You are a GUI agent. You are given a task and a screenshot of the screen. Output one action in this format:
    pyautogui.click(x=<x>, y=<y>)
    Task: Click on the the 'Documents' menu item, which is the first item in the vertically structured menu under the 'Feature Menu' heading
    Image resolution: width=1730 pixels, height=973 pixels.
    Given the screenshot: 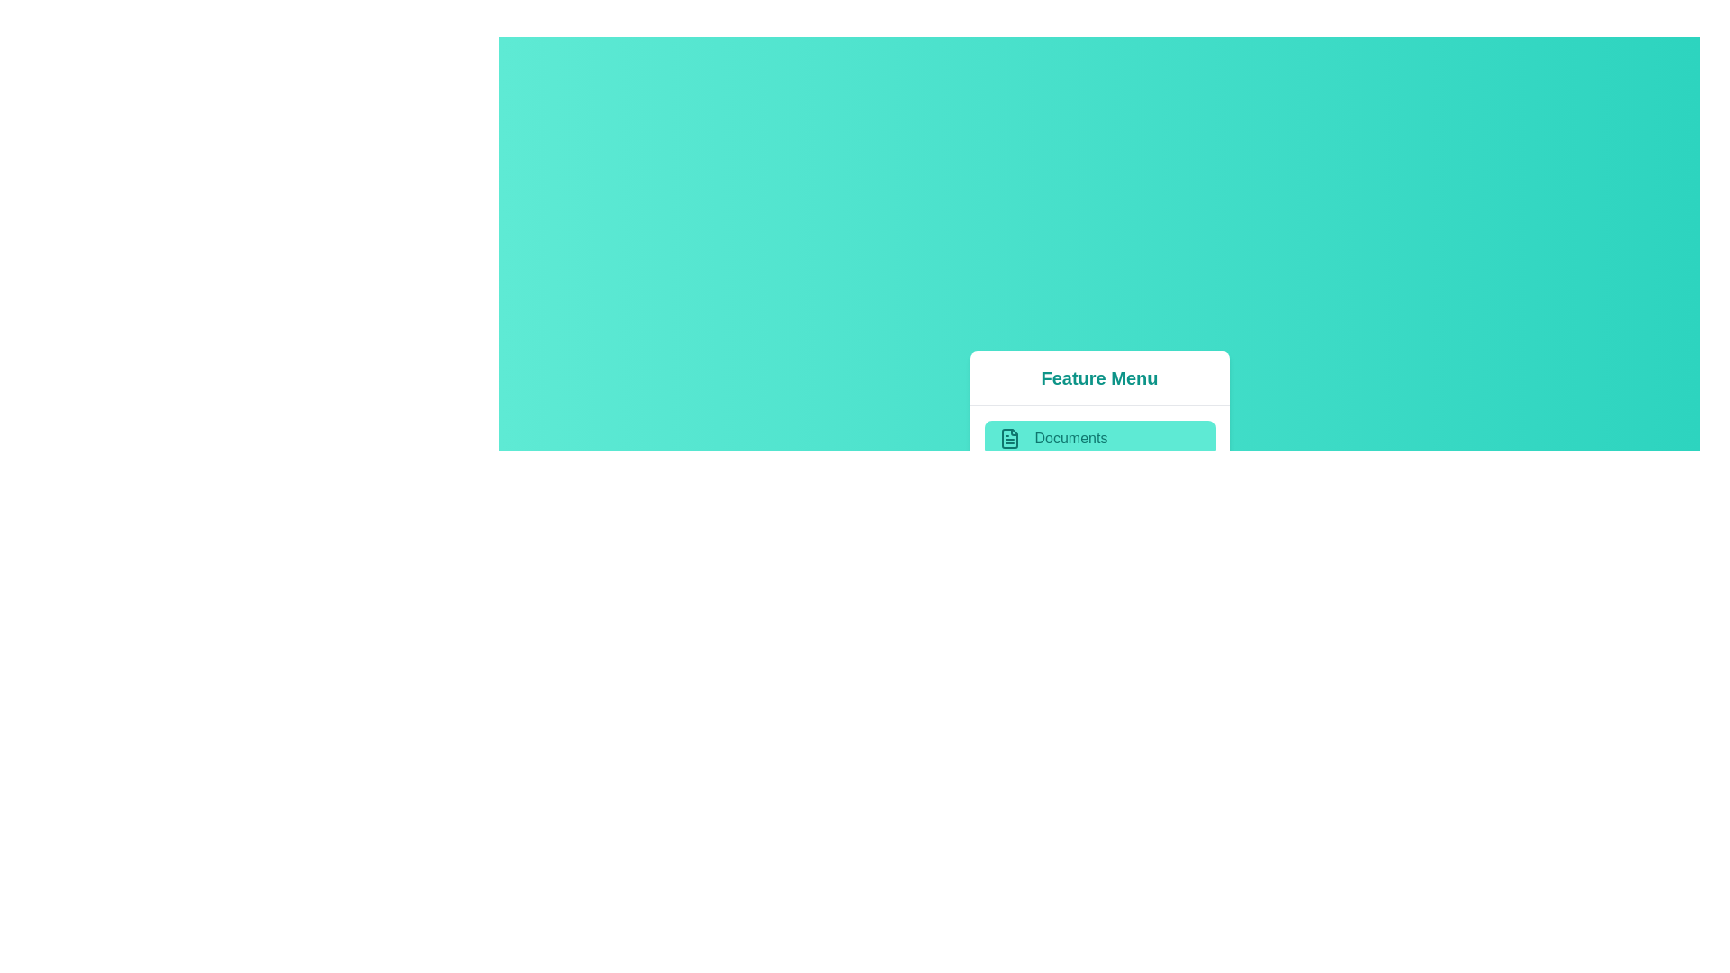 What is the action you would take?
    pyautogui.click(x=1098, y=438)
    